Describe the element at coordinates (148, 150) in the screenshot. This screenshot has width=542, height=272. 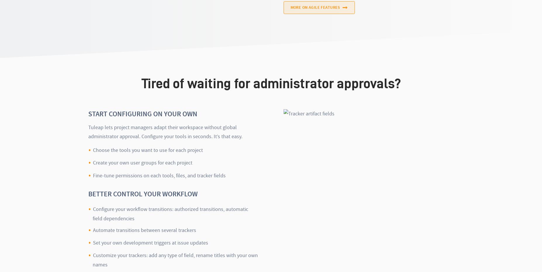
I see `'Choose the tools you want to use for each project'` at that location.